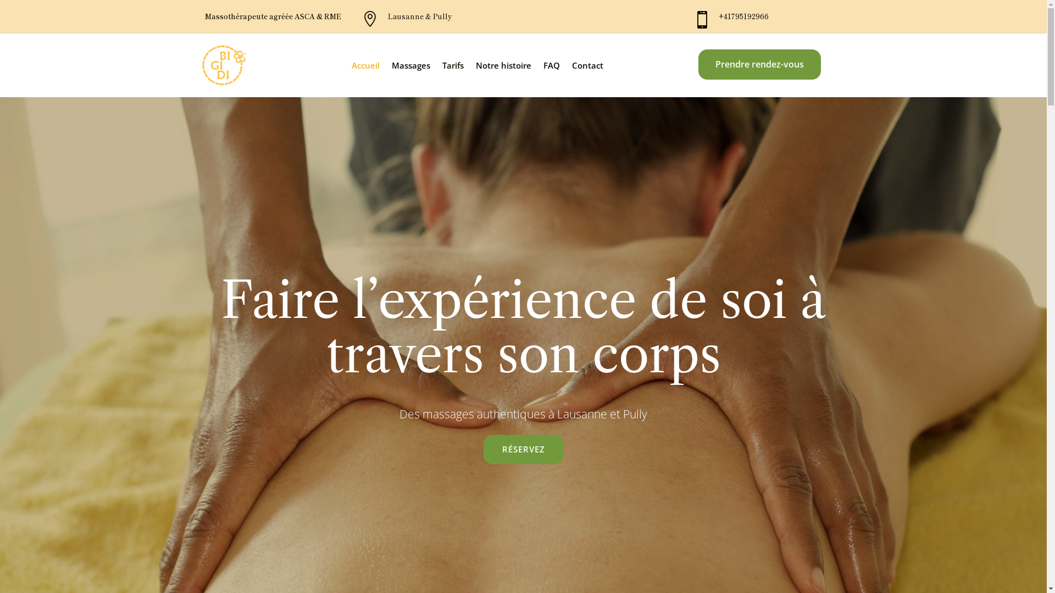 The height and width of the screenshot is (593, 1055). I want to click on 'Contact', so click(587, 65).